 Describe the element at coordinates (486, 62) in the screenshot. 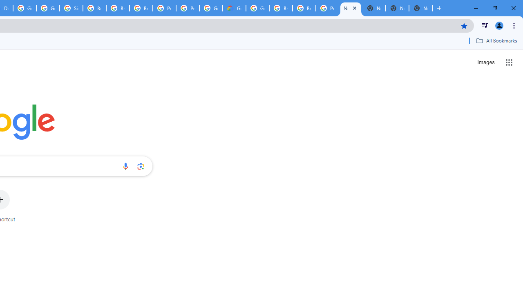

I see `'Search for Images '` at that location.